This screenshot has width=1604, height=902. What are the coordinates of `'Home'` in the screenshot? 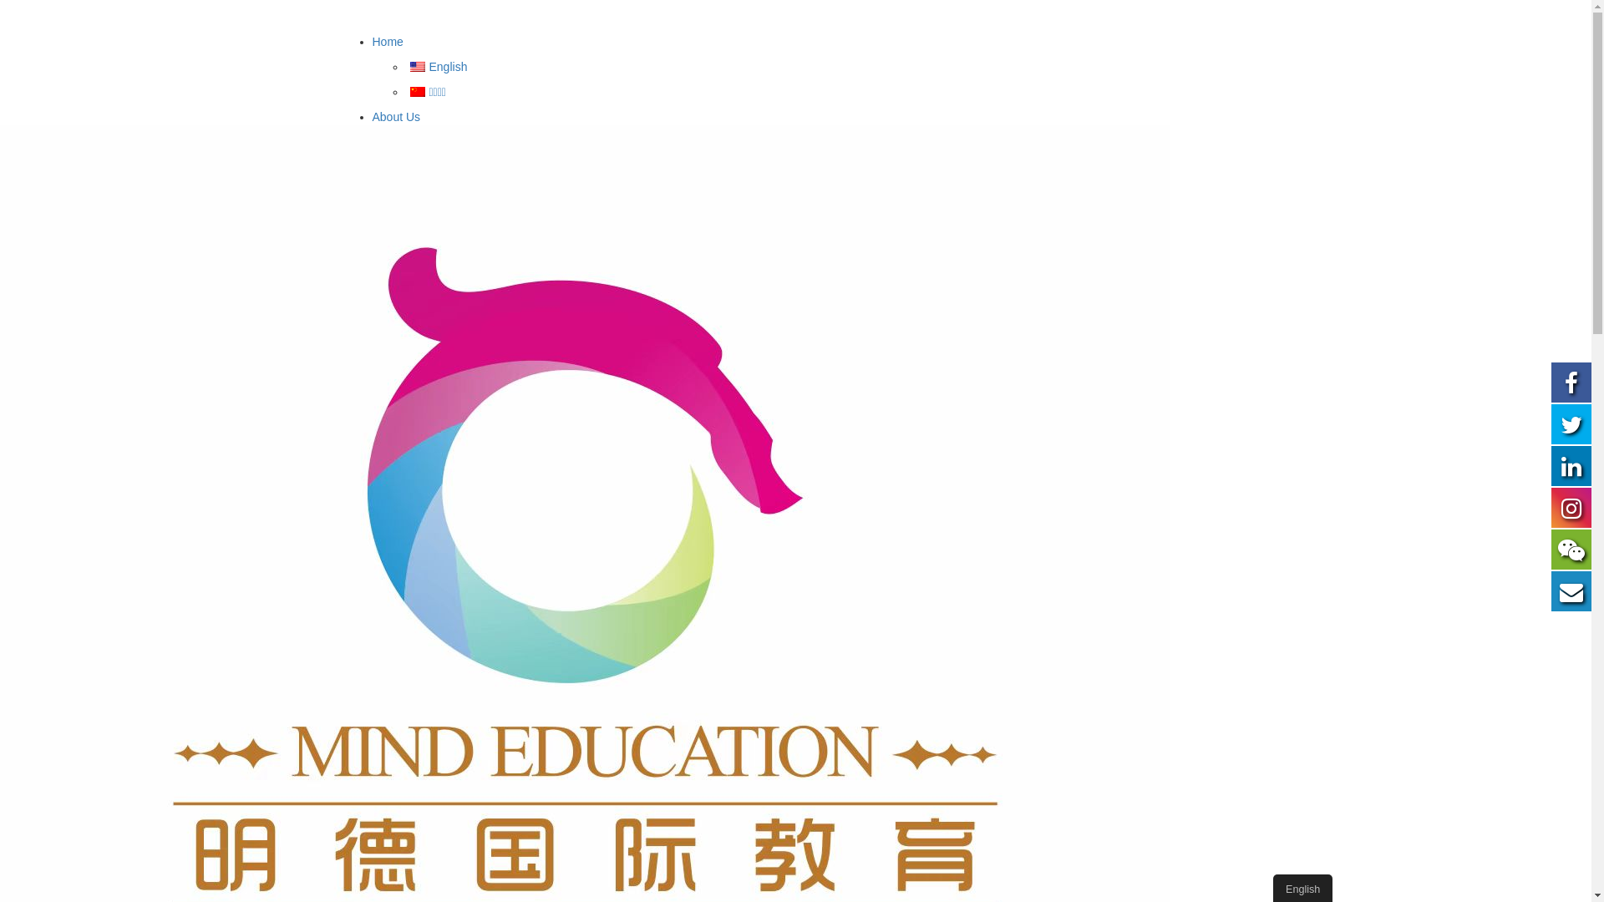 It's located at (372, 41).